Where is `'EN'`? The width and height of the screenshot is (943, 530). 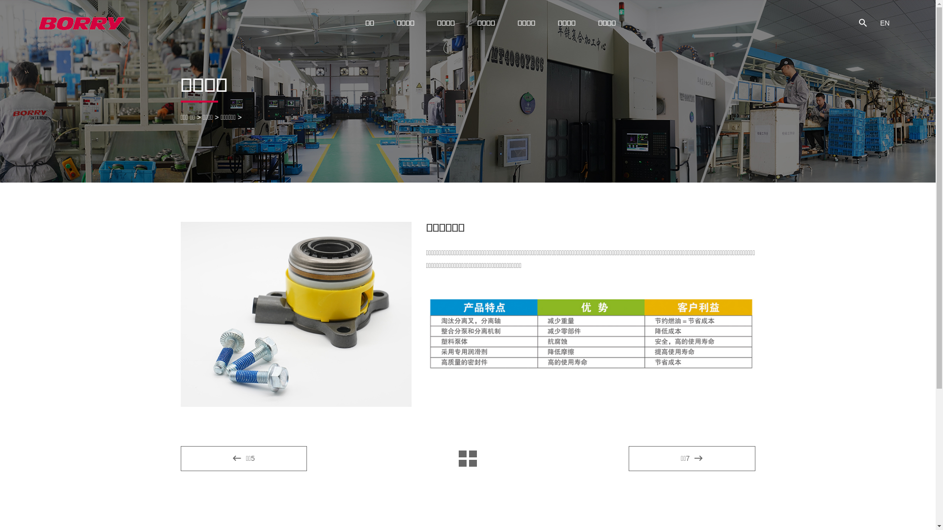 'EN' is located at coordinates (885, 22).